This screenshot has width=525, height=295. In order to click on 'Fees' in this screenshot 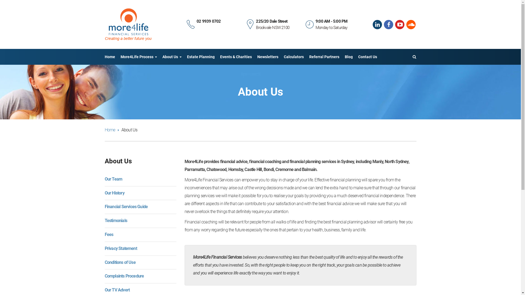, I will do `click(109, 234)`.